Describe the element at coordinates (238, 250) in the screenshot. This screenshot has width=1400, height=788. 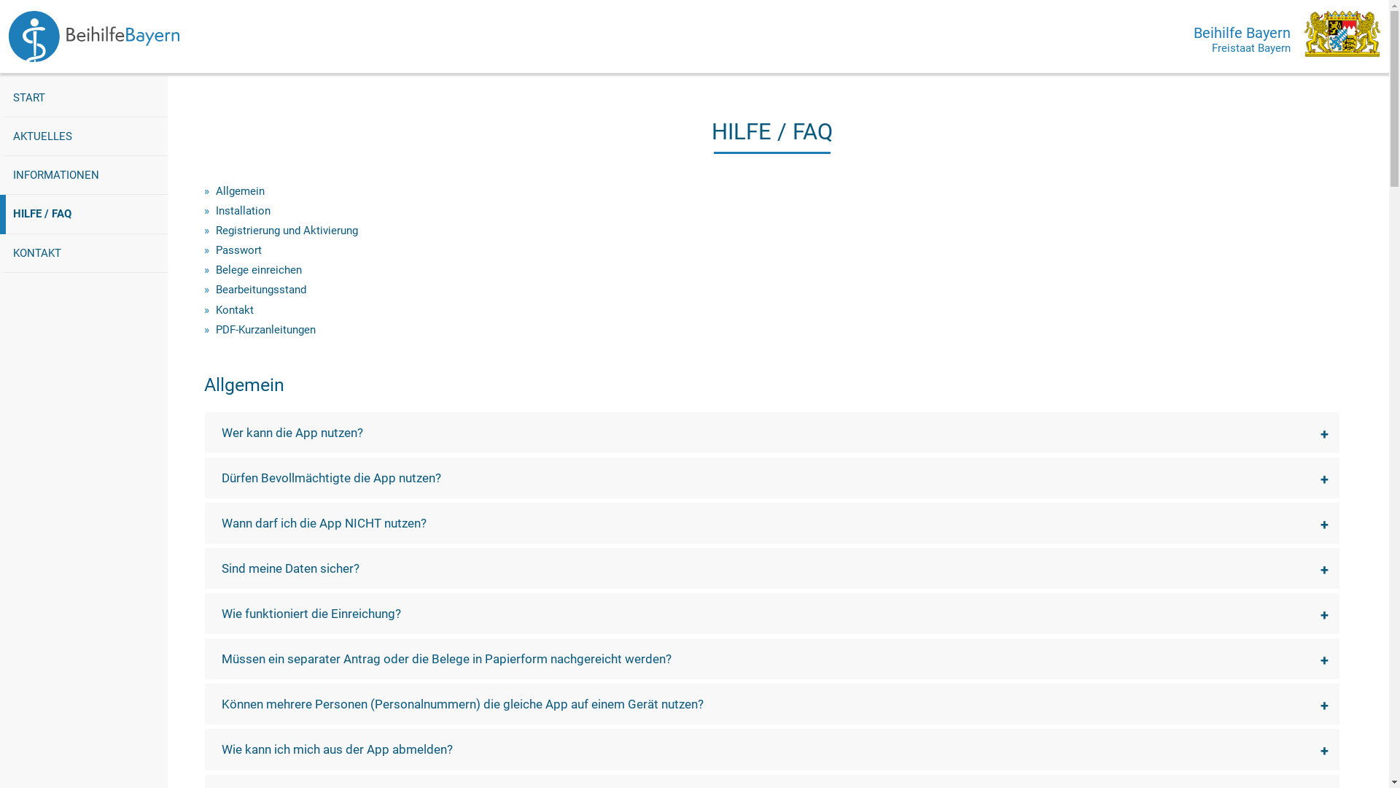
I see `'Passwort'` at that location.